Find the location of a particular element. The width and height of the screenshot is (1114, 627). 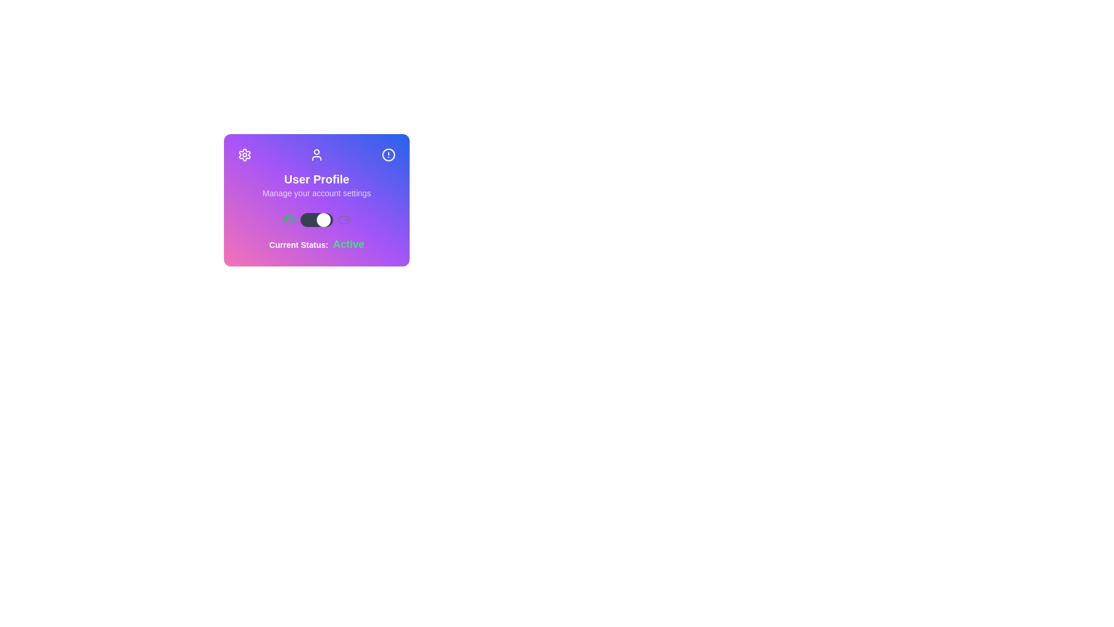

the green toggle button located under the 'User Profile' title is located at coordinates (289, 219).